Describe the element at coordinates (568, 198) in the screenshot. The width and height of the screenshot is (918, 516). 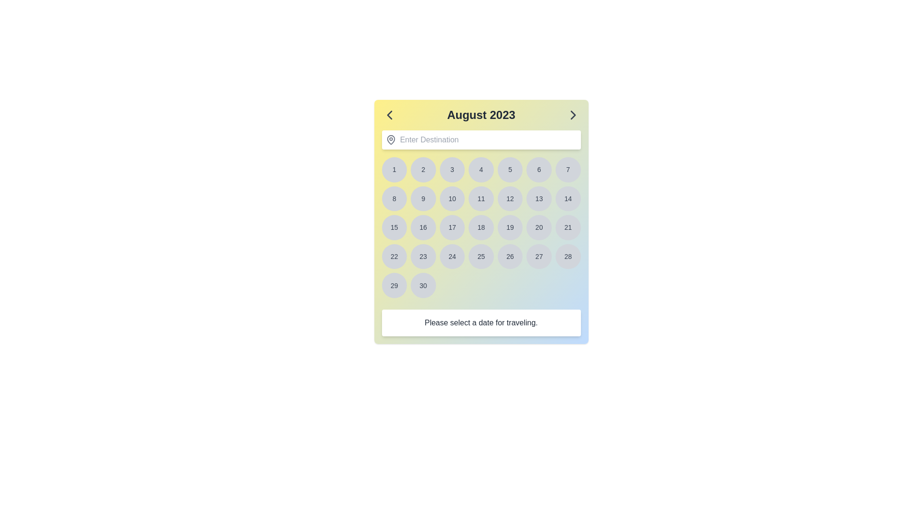
I see `the button representing the 14th day of the month in the calendar interface` at that location.